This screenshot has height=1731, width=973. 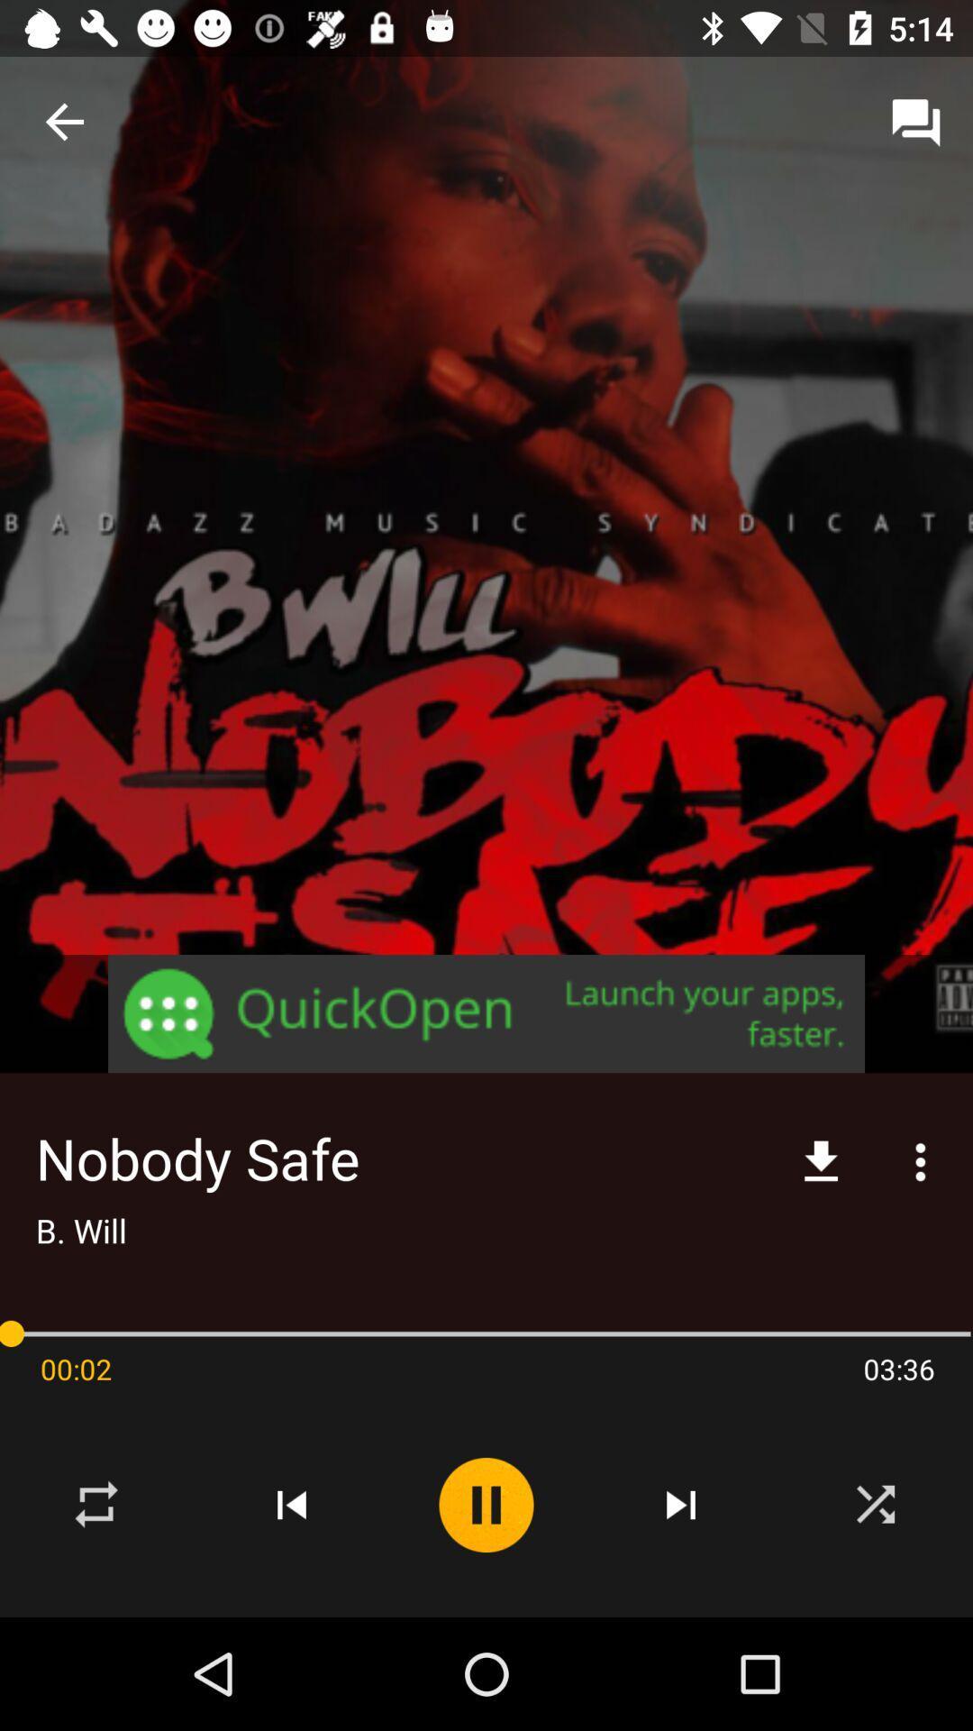 What do you see at coordinates (875, 1505) in the screenshot?
I see `the close icon` at bounding box center [875, 1505].